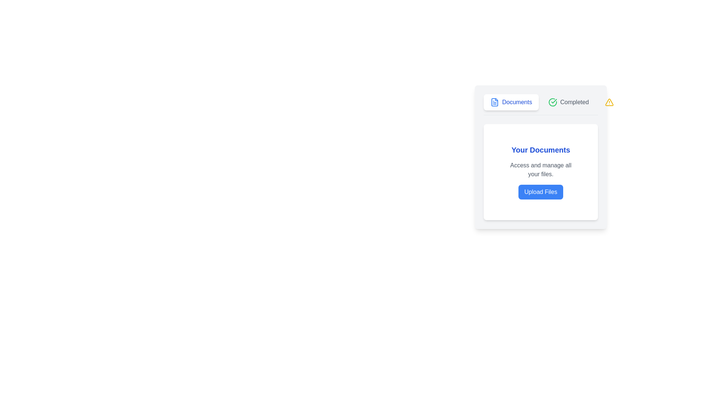 This screenshot has height=399, width=710. What do you see at coordinates (495, 102) in the screenshot?
I see `the file icon located in the upper-left portion of the card-like widget by interacting with the main structure of the icon` at bounding box center [495, 102].